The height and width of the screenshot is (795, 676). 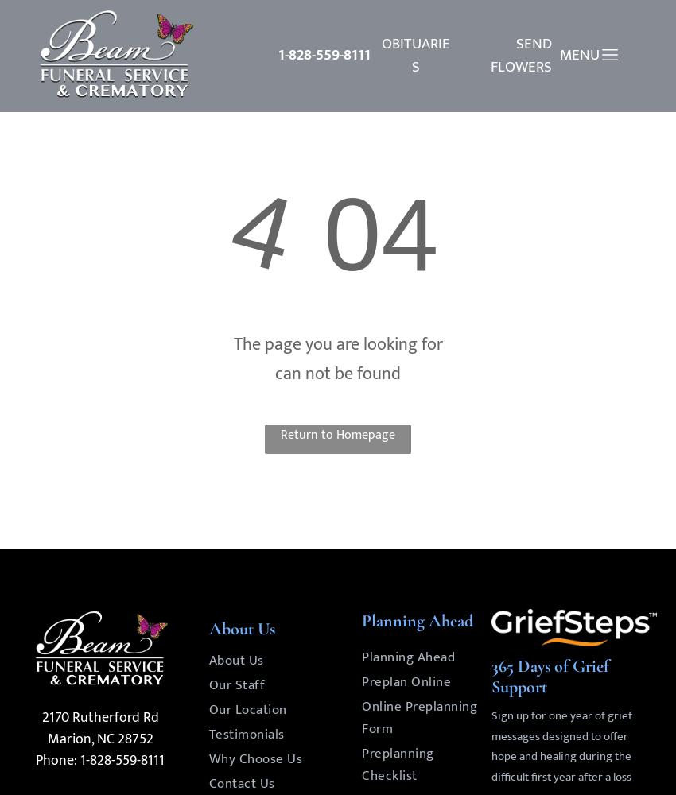 I want to click on 'Preplan Online', so click(x=406, y=681).